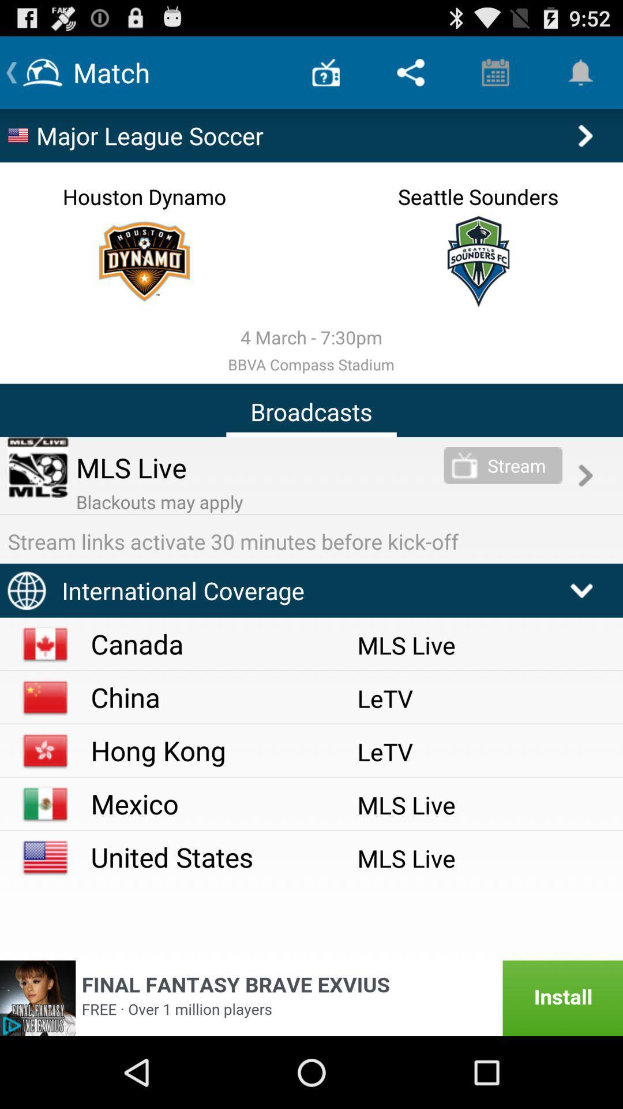  I want to click on install game, so click(311, 998).